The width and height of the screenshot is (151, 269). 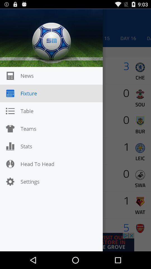 I want to click on the icon which is above che, so click(x=140, y=67).